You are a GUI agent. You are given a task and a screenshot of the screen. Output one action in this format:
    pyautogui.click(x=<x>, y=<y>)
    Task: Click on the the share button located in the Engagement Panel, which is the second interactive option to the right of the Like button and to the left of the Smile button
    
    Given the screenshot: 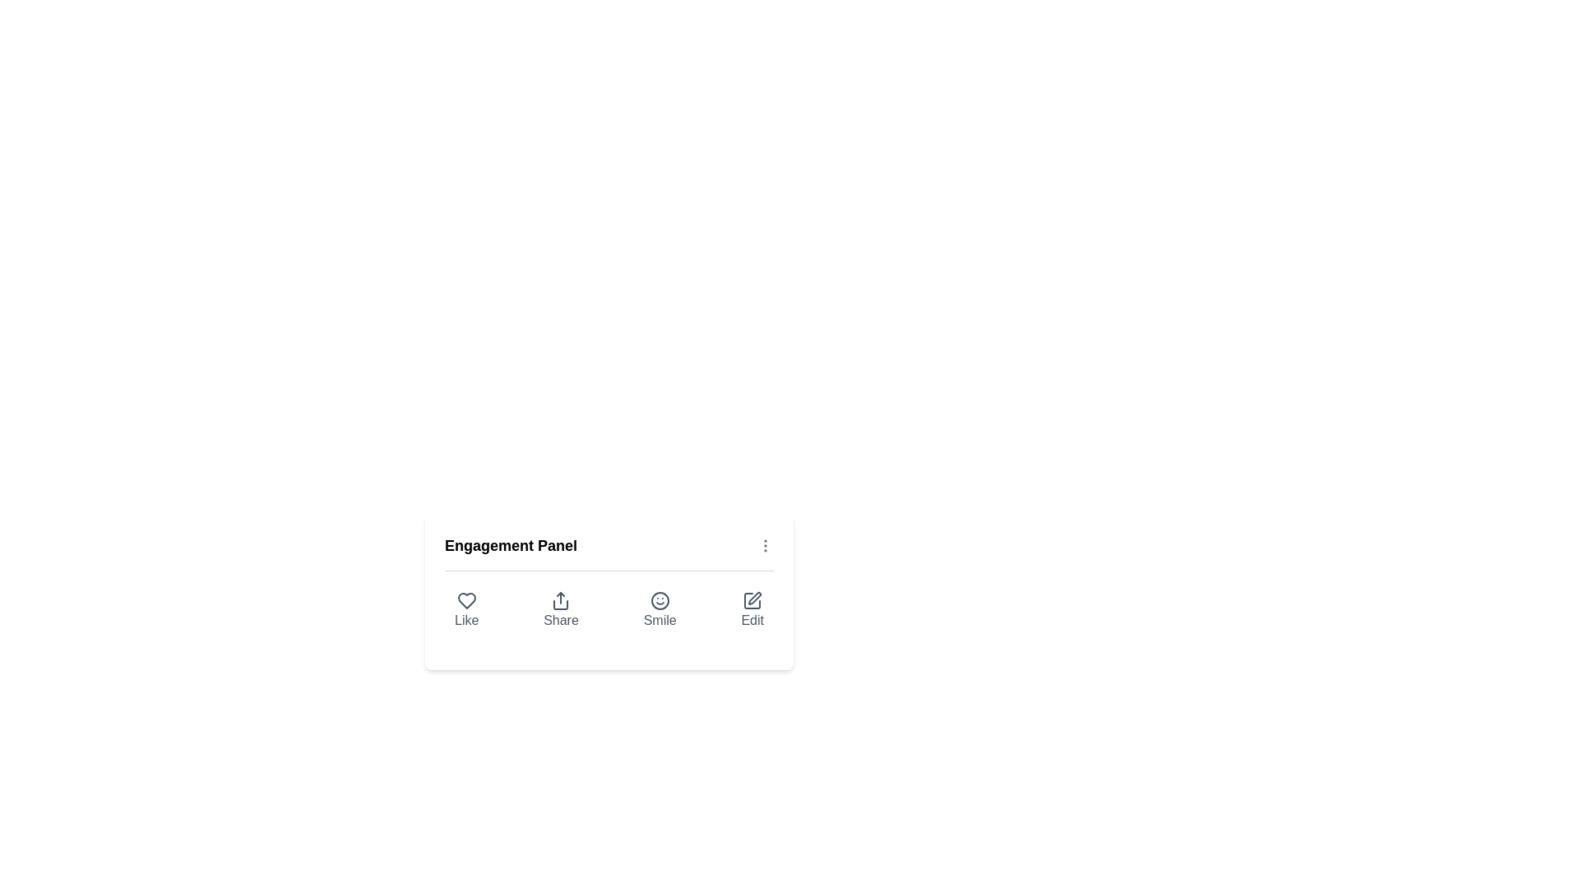 What is the action you would take?
    pyautogui.click(x=561, y=611)
    